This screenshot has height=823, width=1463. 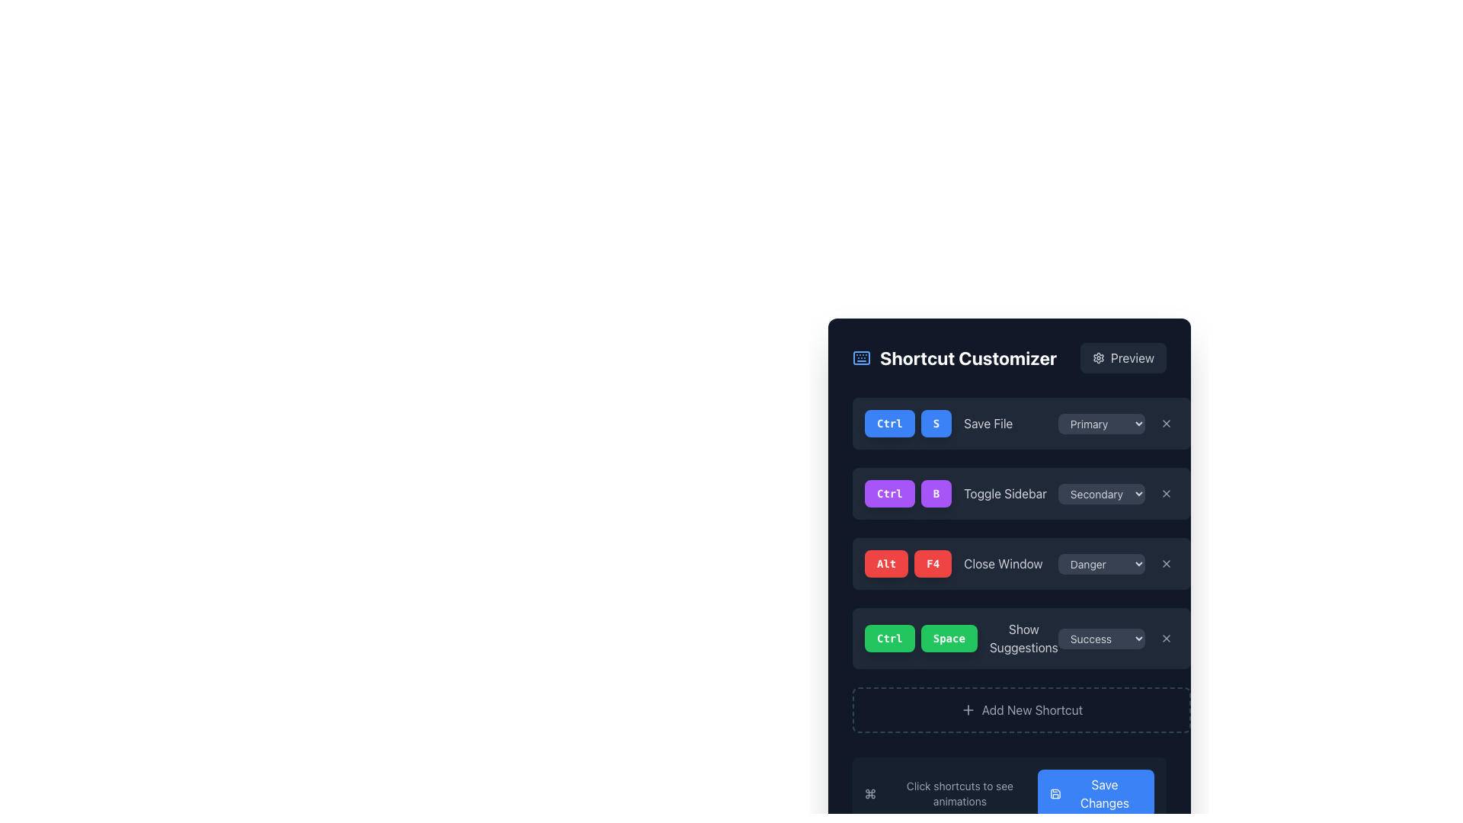 What do you see at coordinates (1165, 423) in the screenshot?
I see `the delete button located at the rightmost end of the row labeled 'Primary' in the 'Shortcut Customizer' panel` at bounding box center [1165, 423].